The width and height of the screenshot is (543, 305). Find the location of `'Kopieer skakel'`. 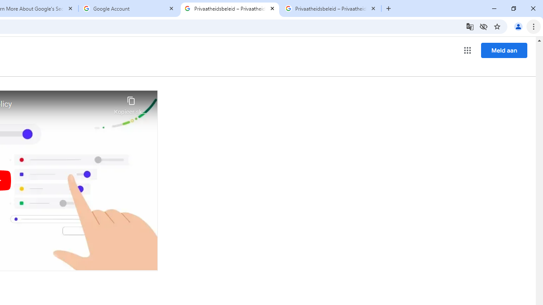

'Kopieer skakel' is located at coordinates (131, 103).